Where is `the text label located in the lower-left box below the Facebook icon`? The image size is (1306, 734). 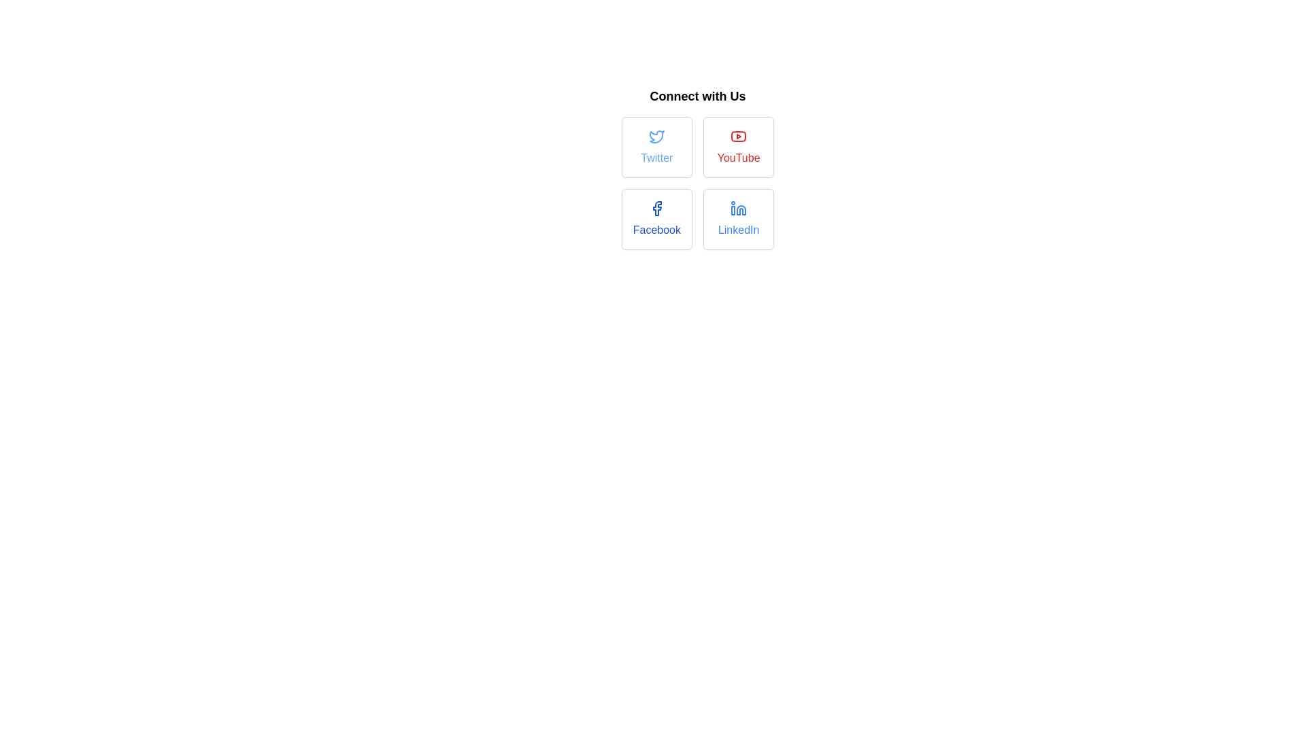 the text label located in the lower-left box below the Facebook icon is located at coordinates (656, 230).